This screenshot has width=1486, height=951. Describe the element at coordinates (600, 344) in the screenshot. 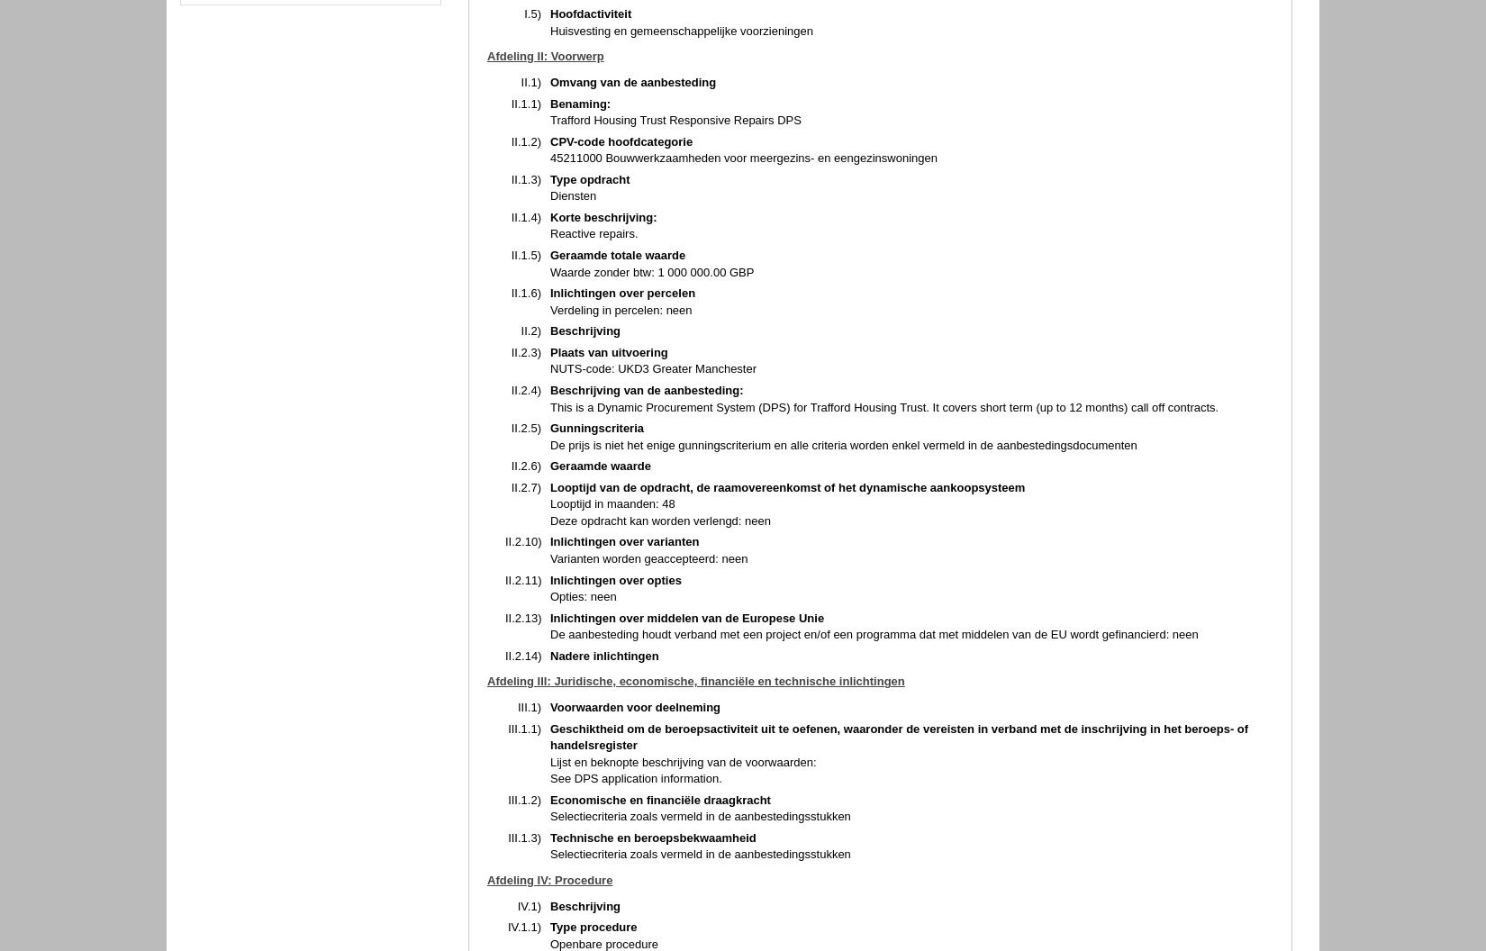

I see `'To access the DPS:'` at that location.